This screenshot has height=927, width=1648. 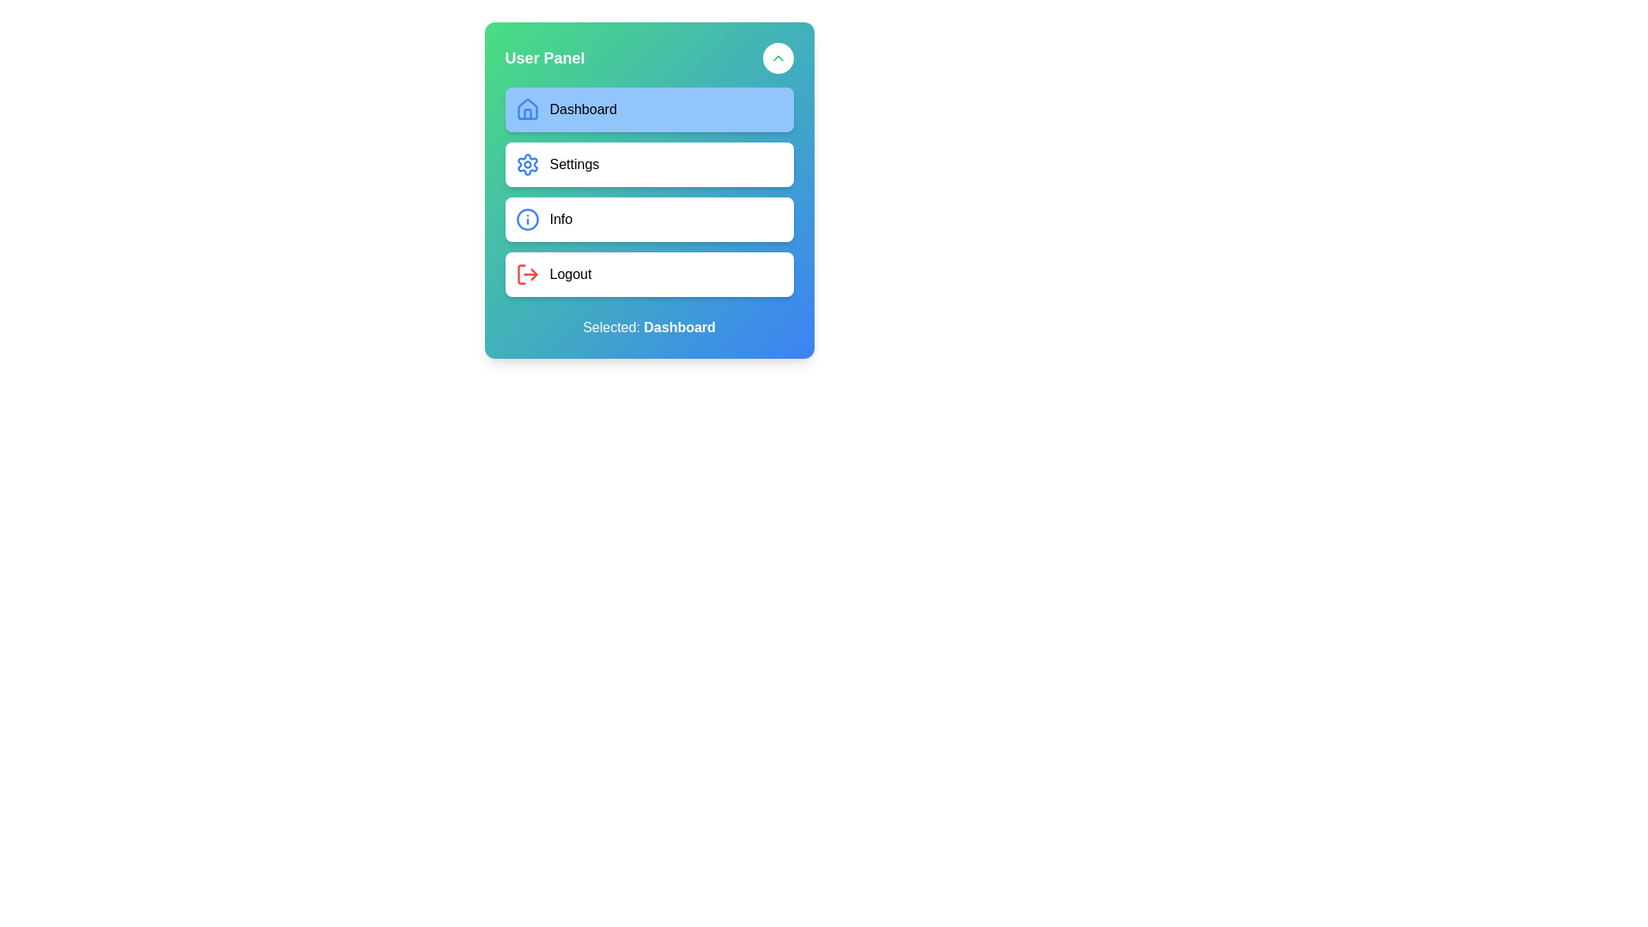 I want to click on the settings icon resembling a toothed gear, located in the second item of the vertical list within the 'Settings' button, so click(x=526, y=165).